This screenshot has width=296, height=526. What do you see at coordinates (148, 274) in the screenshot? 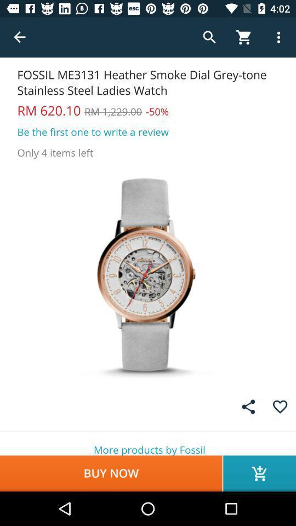
I see `open image` at bounding box center [148, 274].